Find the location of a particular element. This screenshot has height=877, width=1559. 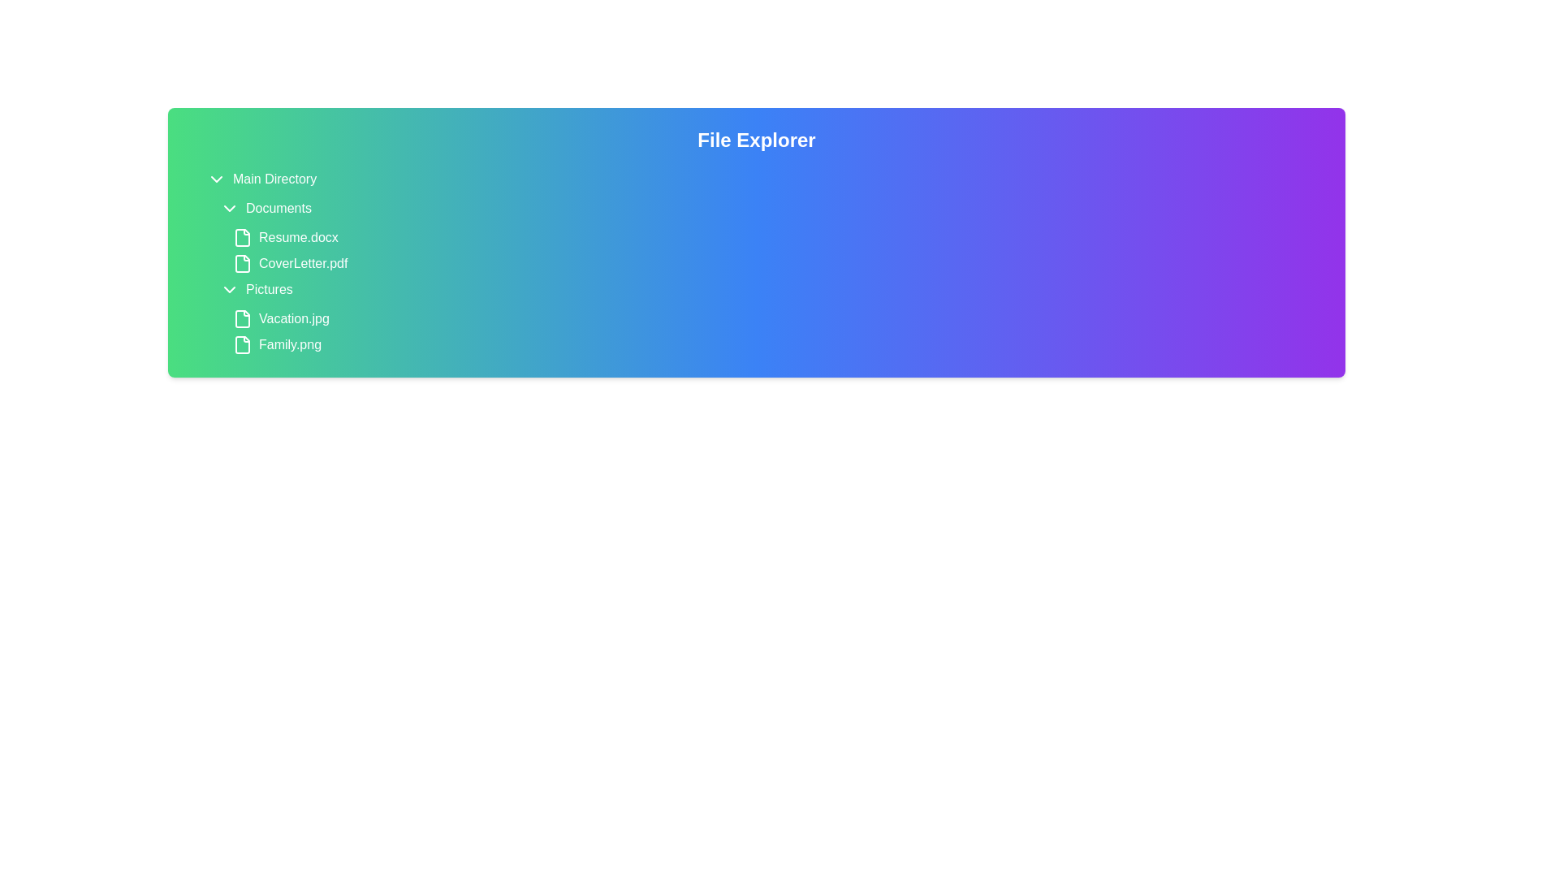

the file icon representing 'CoverLetter.pdf' in the Documents directory to visually identify the file type is located at coordinates (241, 262).